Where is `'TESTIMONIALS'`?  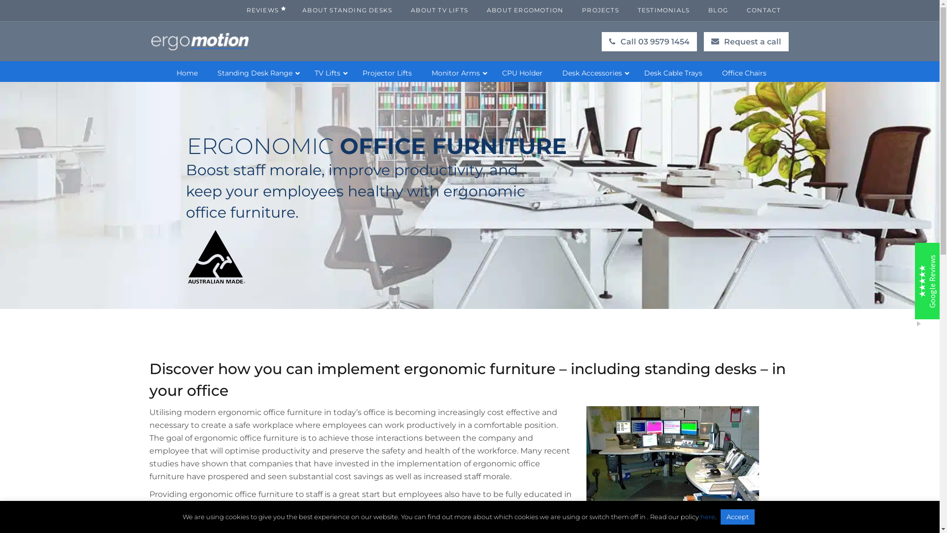
'TESTIMONIALS' is located at coordinates (663, 10).